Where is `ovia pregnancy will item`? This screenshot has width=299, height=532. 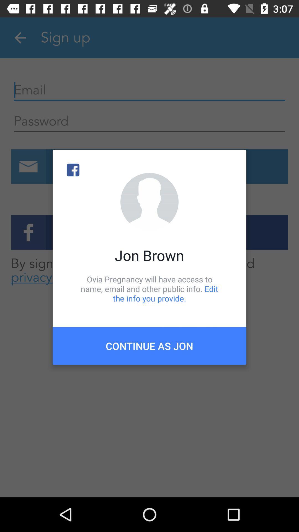
ovia pregnancy will item is located at coordinates (149, 288).